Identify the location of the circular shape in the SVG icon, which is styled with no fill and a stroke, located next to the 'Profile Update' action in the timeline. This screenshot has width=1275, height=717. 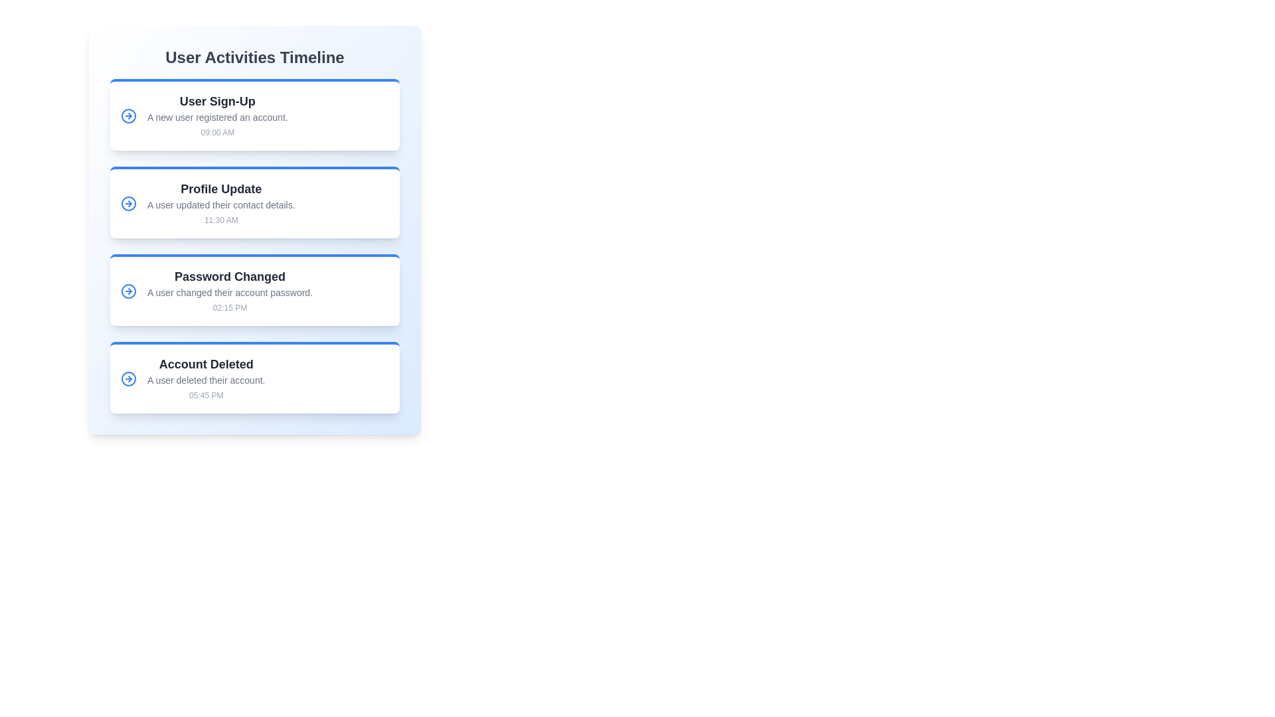
(128, 115).